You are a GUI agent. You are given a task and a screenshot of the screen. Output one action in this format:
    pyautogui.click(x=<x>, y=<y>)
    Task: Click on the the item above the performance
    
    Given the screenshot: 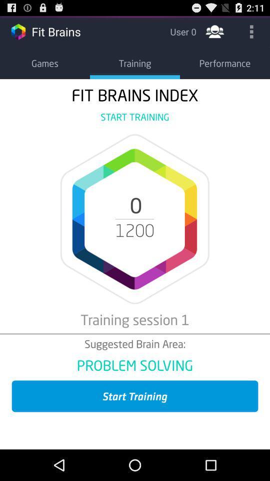 What is the action you would take?
    pyautogui.click(x=251, y=31)
    